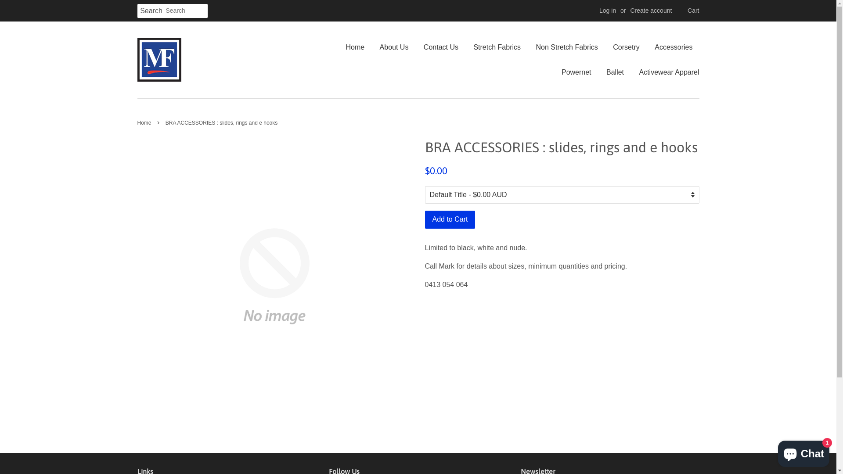  I want to click on 'Non Stretch Fabrics', so click(528, 47).